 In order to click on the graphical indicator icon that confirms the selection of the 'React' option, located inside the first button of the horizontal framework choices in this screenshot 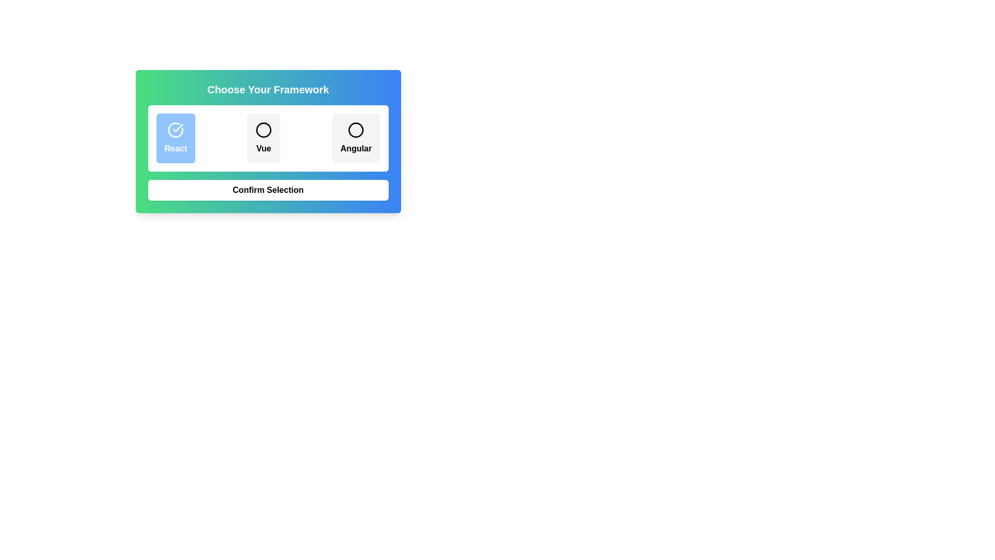, I will do `click(176, 129)`.